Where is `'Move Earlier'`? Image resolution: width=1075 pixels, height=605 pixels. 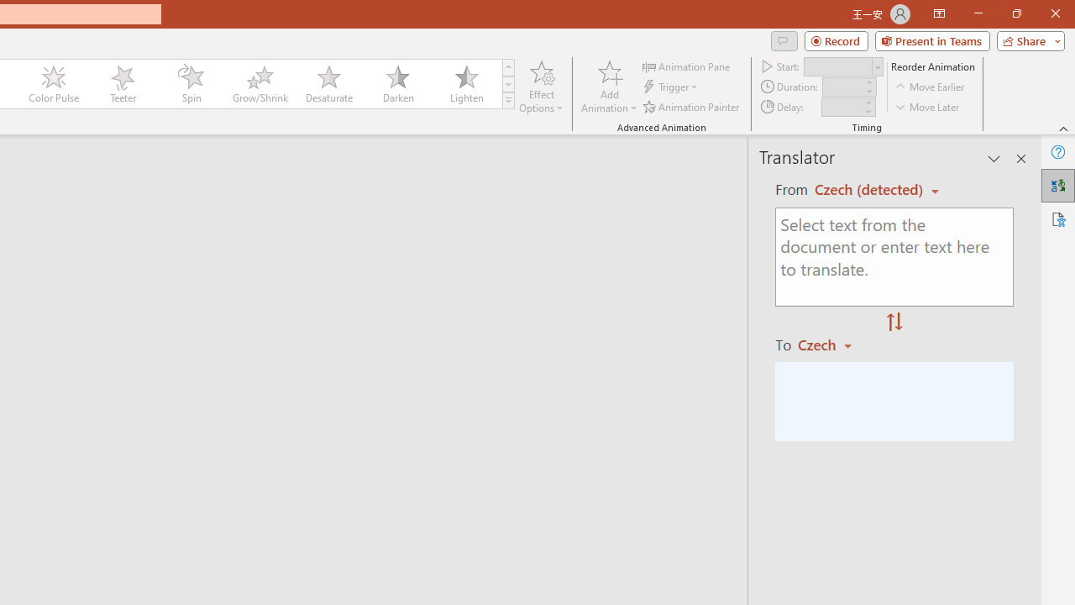
'Move Earlier' is located at coordinates (929, 87).